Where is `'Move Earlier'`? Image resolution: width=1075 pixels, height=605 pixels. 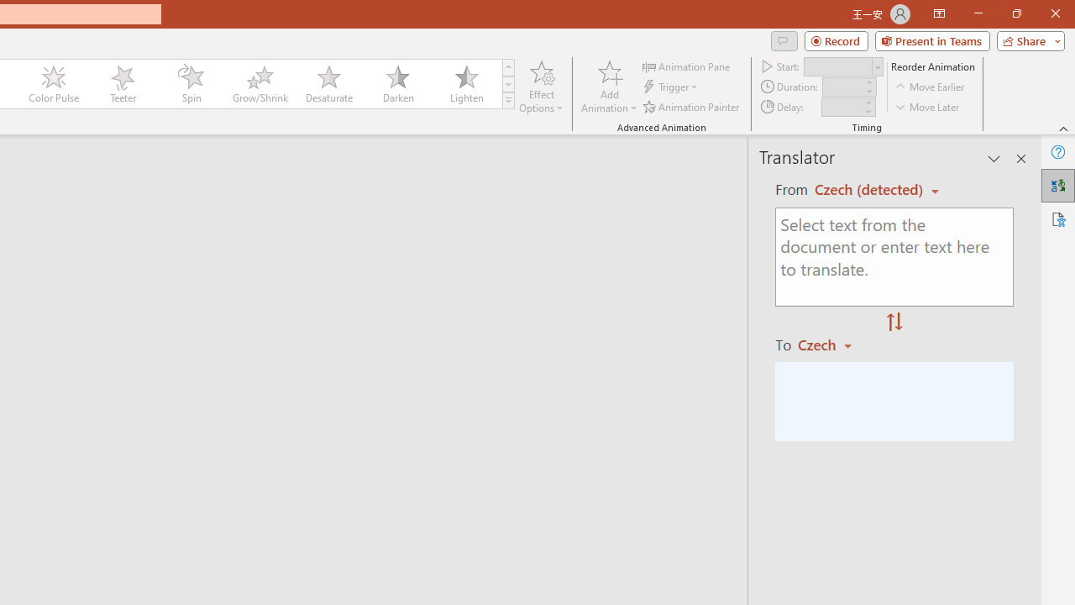
'Move Earlier' is located at coordinates (929, 87).